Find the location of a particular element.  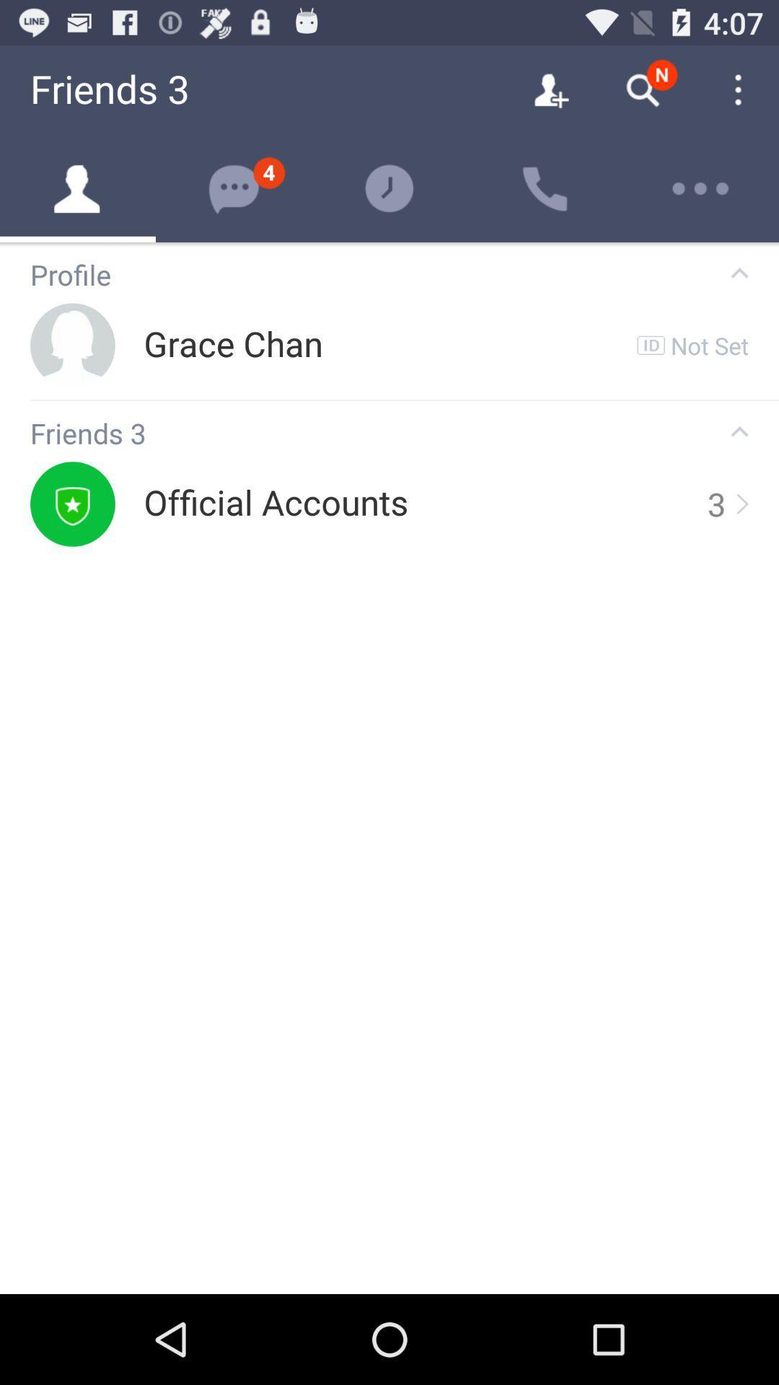

the official accounts item is located at coordinates (276, 504).